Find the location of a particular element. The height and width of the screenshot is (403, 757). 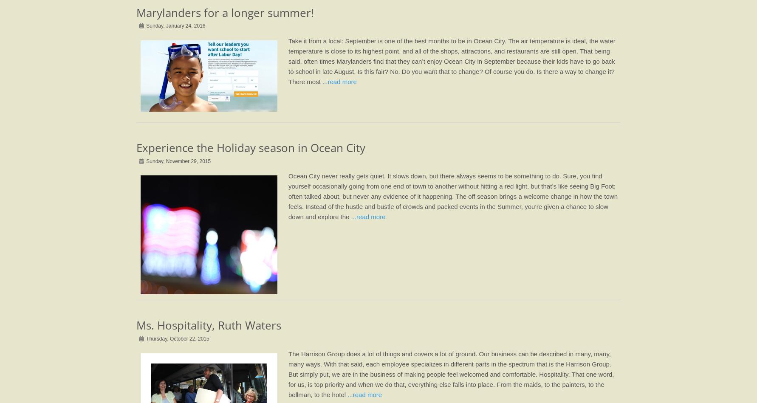

'Ms. Hospitality, Ruth Waters' is located at coordinates (136, 325).